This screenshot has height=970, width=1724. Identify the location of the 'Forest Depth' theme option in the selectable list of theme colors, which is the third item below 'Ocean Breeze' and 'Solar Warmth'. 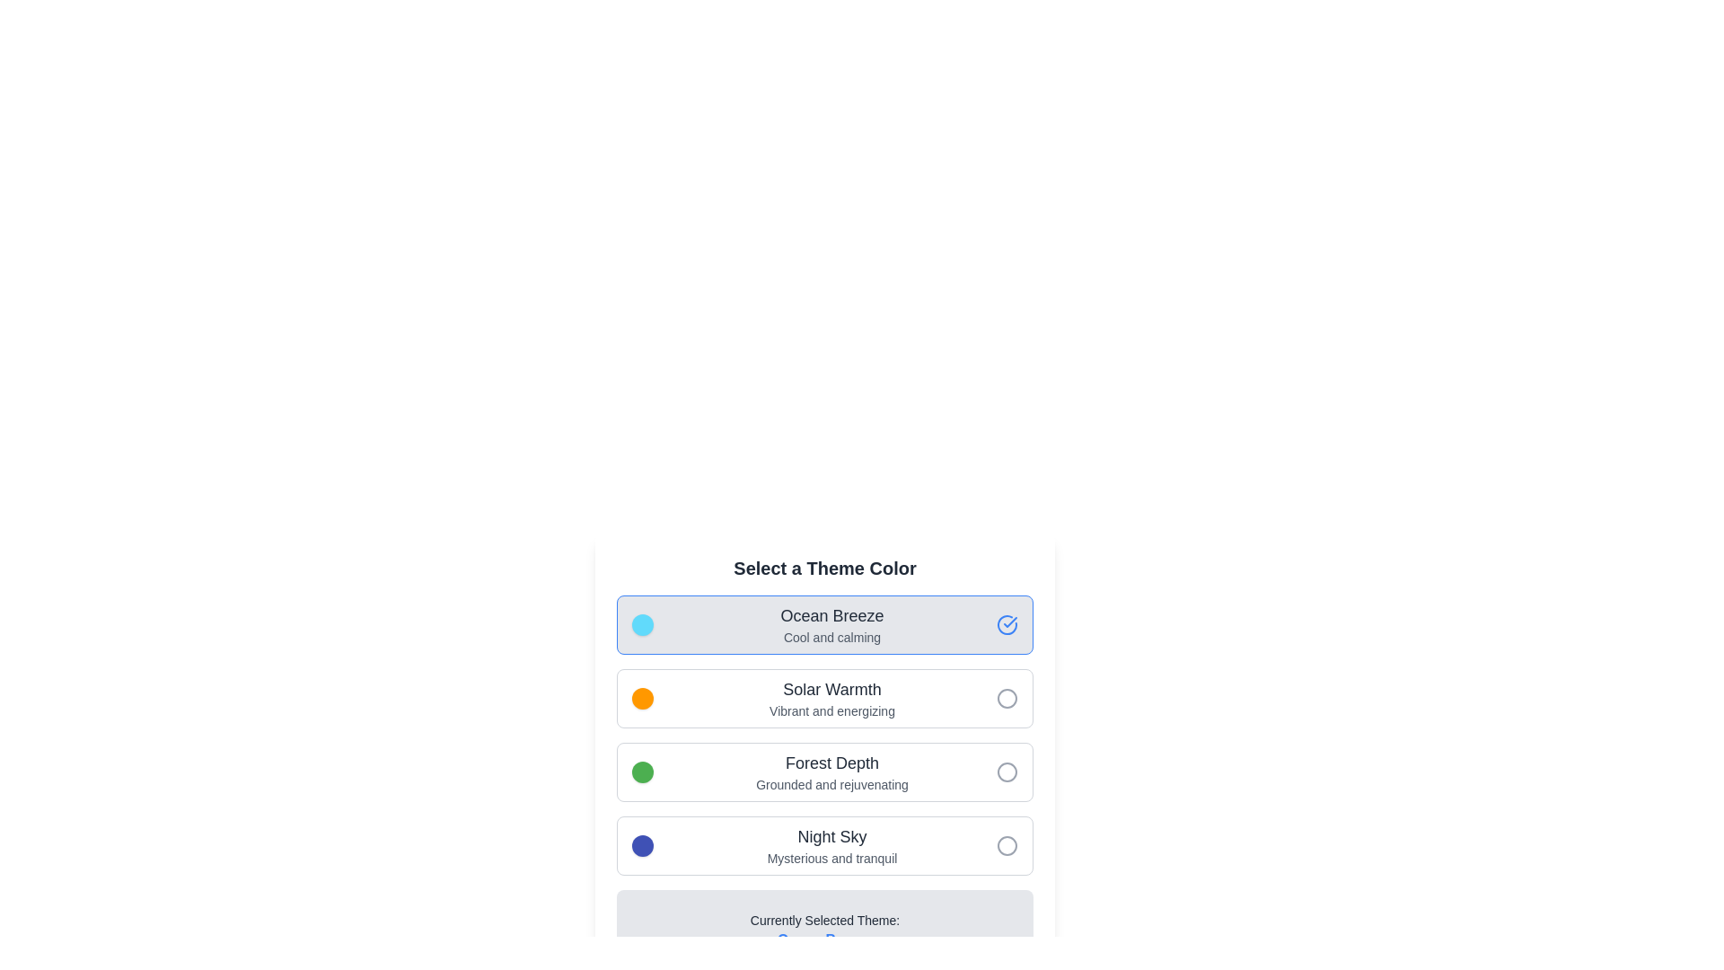
(831, 772).